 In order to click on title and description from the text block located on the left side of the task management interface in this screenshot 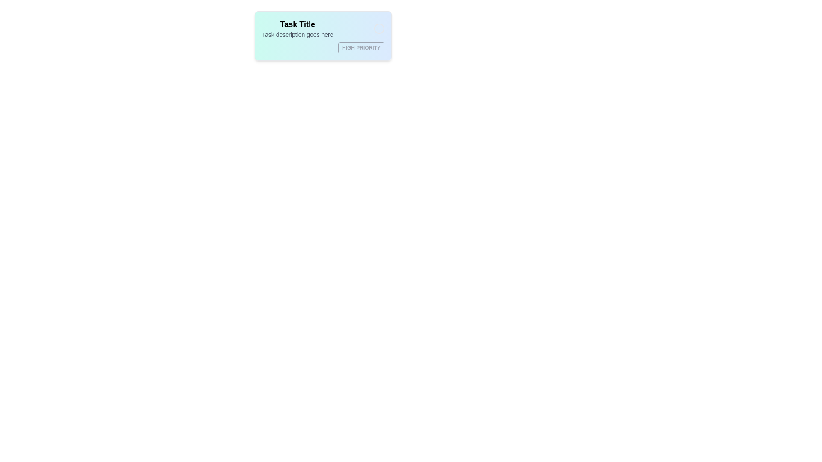, I will do `click(298, 28)`.